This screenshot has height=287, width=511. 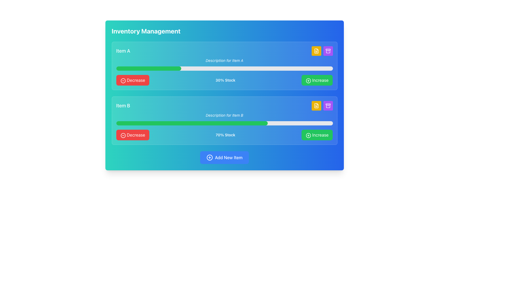 I want to click on the circular icon with a plus sign located to the left of the 'Add New Item' button, so click(x=209, y=157).